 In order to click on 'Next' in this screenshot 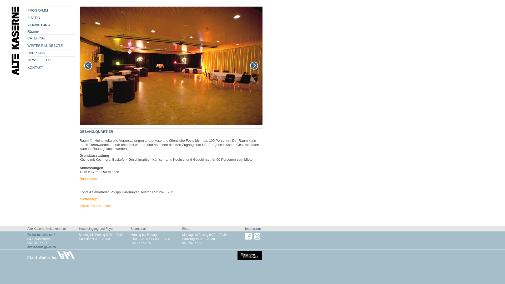, I will do `click(254, 65)`.